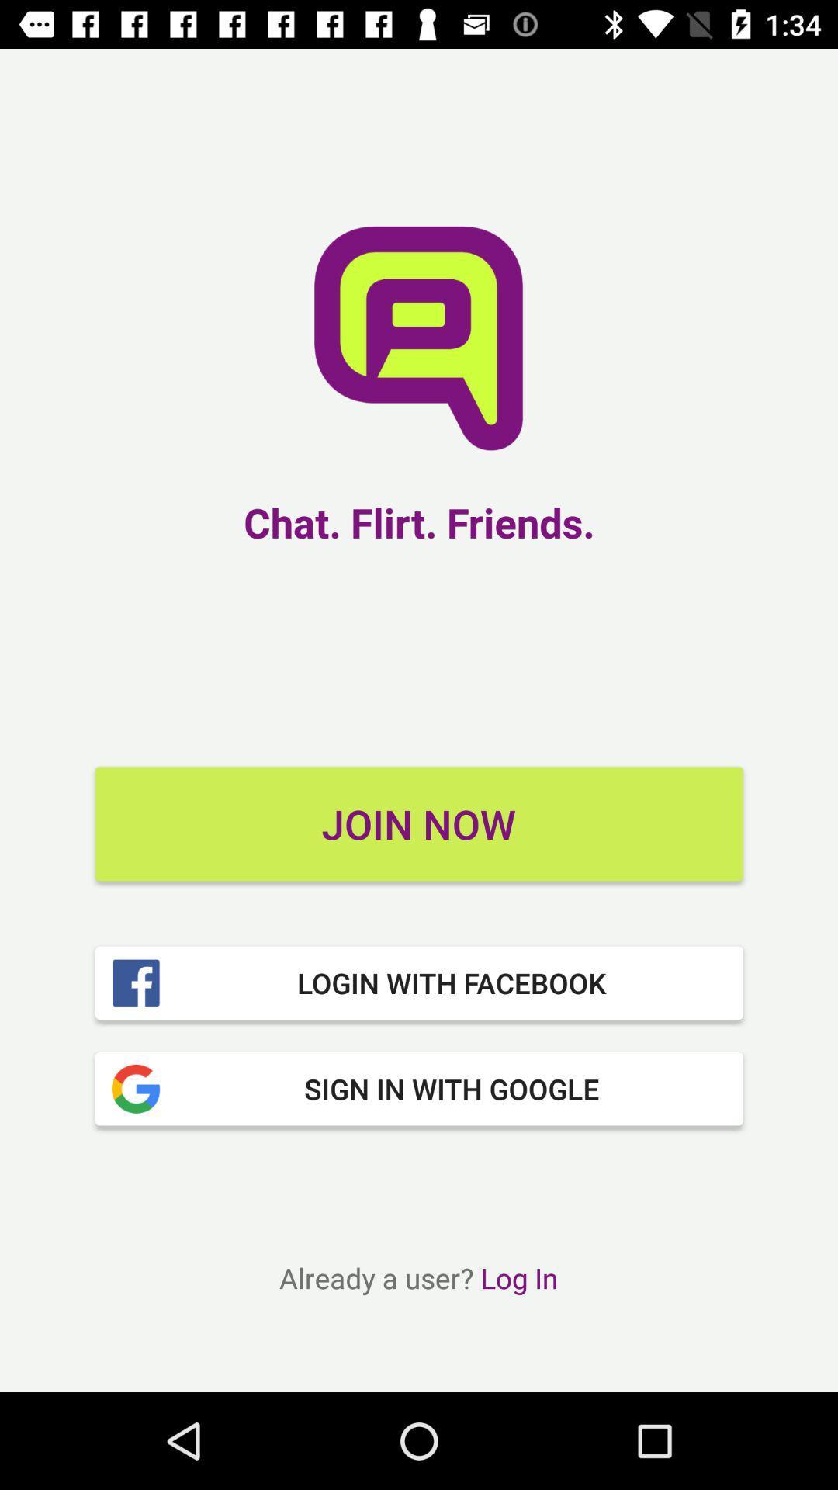 The width and height of the screenshot is (838, 1490). I want to click on item above login with facebook icon, so click(419, 823).